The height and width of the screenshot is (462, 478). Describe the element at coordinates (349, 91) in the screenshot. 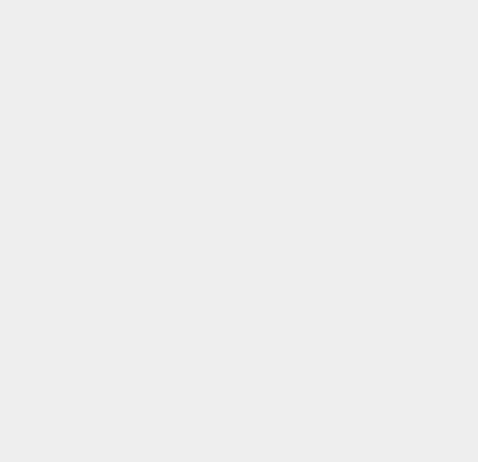

I see `'Logitech'` at that location.